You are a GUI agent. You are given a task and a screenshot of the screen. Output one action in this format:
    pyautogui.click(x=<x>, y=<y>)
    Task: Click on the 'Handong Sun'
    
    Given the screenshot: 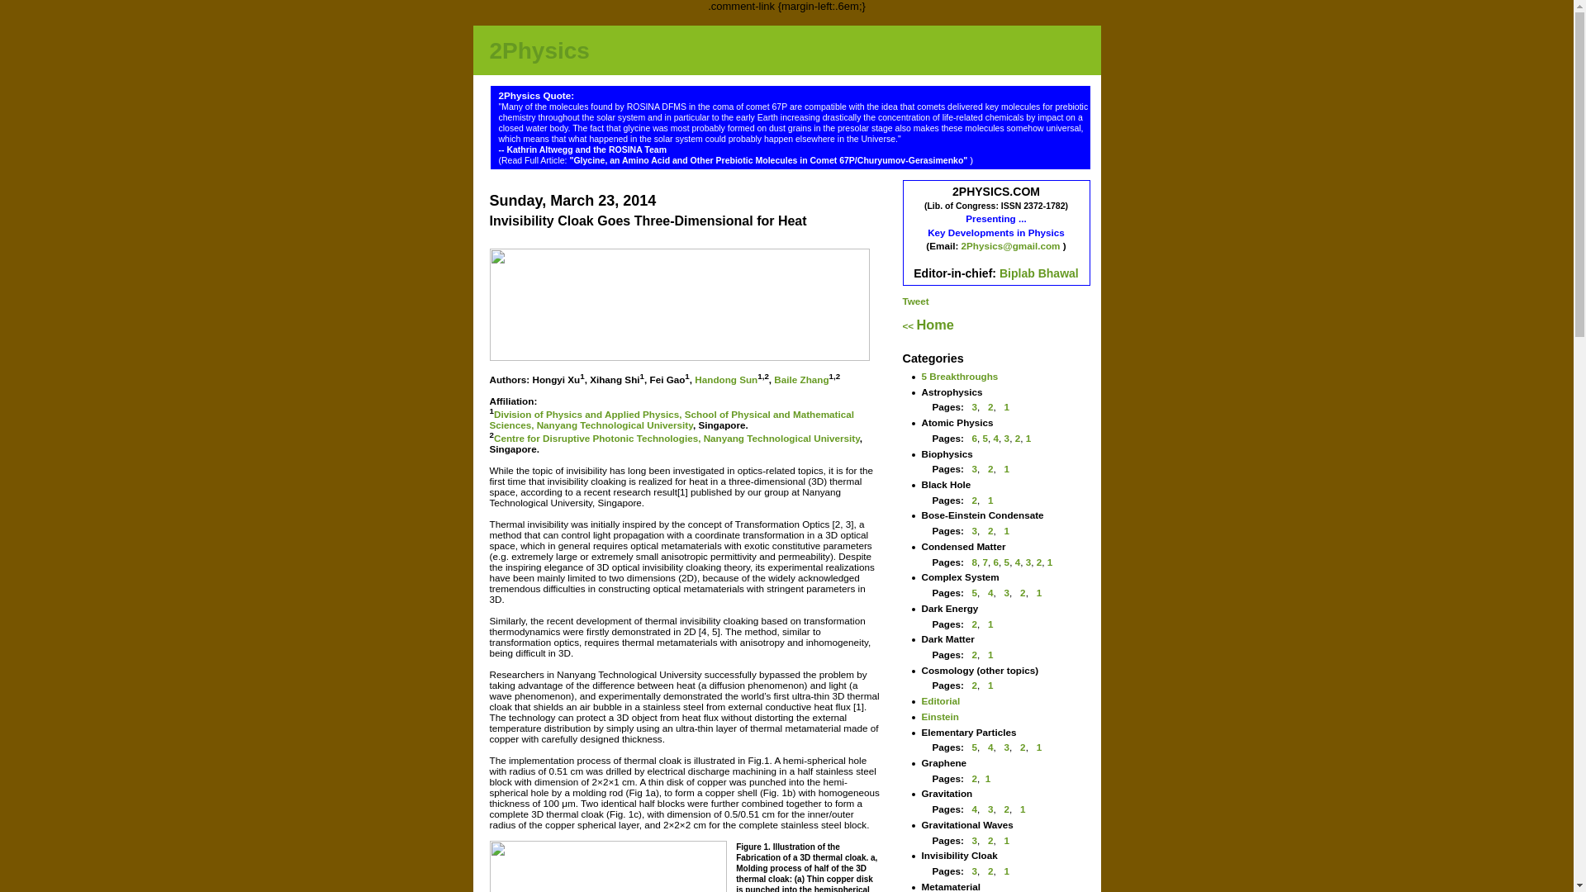 What is the action you would take?
    pyautogui.click(x=725, y=379)
    